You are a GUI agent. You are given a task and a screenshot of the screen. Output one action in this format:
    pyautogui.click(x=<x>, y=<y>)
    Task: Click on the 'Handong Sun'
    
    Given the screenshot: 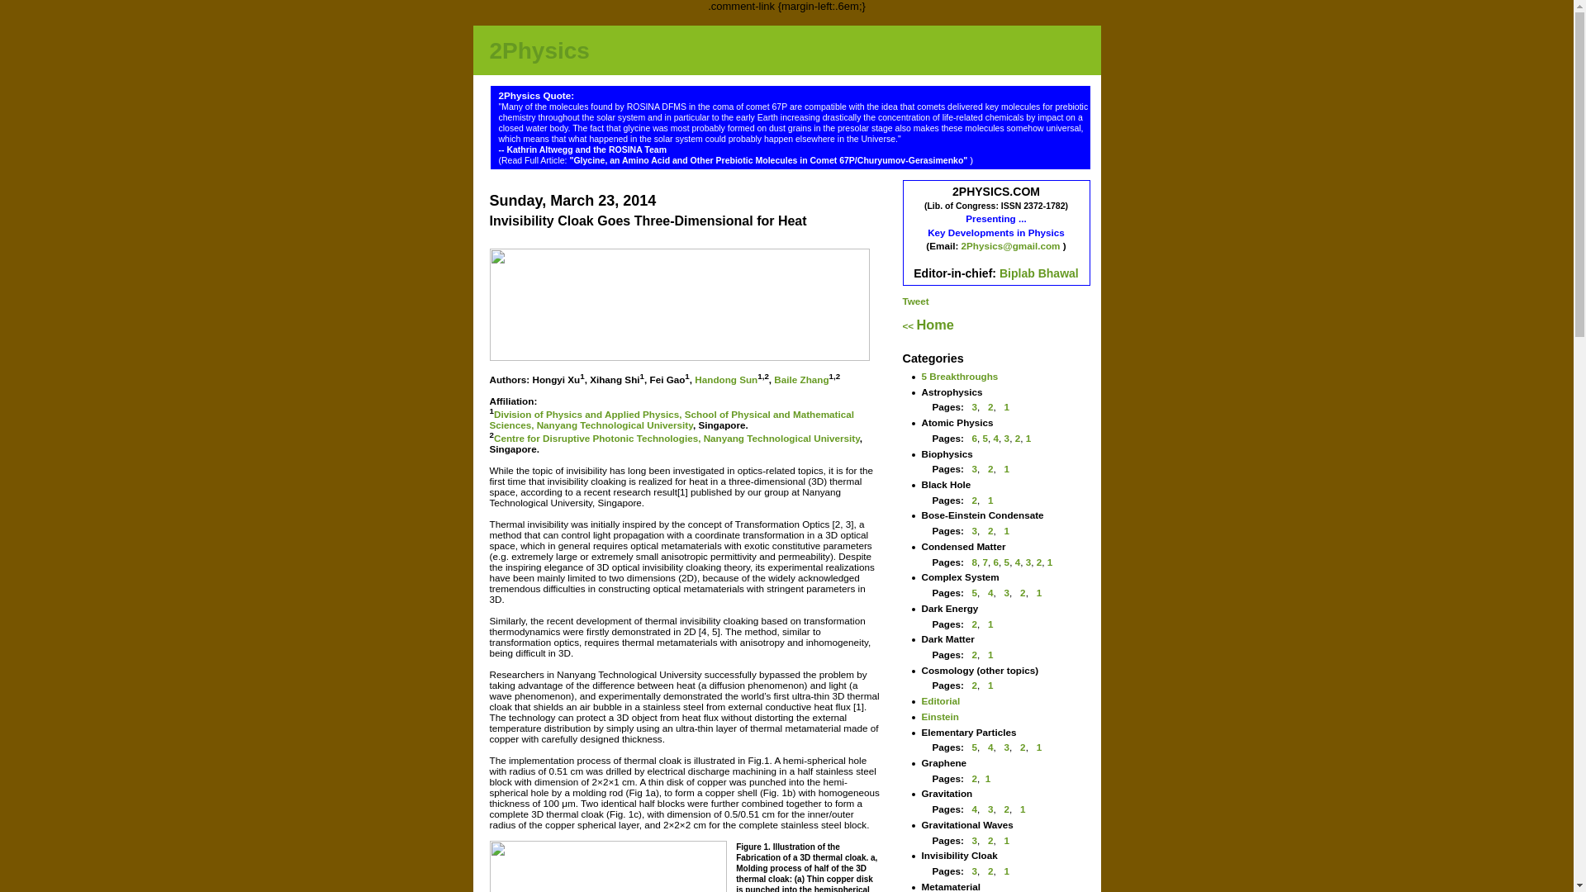 What is the action you would take?
    pyautogui.click(x=725, y=379)
    